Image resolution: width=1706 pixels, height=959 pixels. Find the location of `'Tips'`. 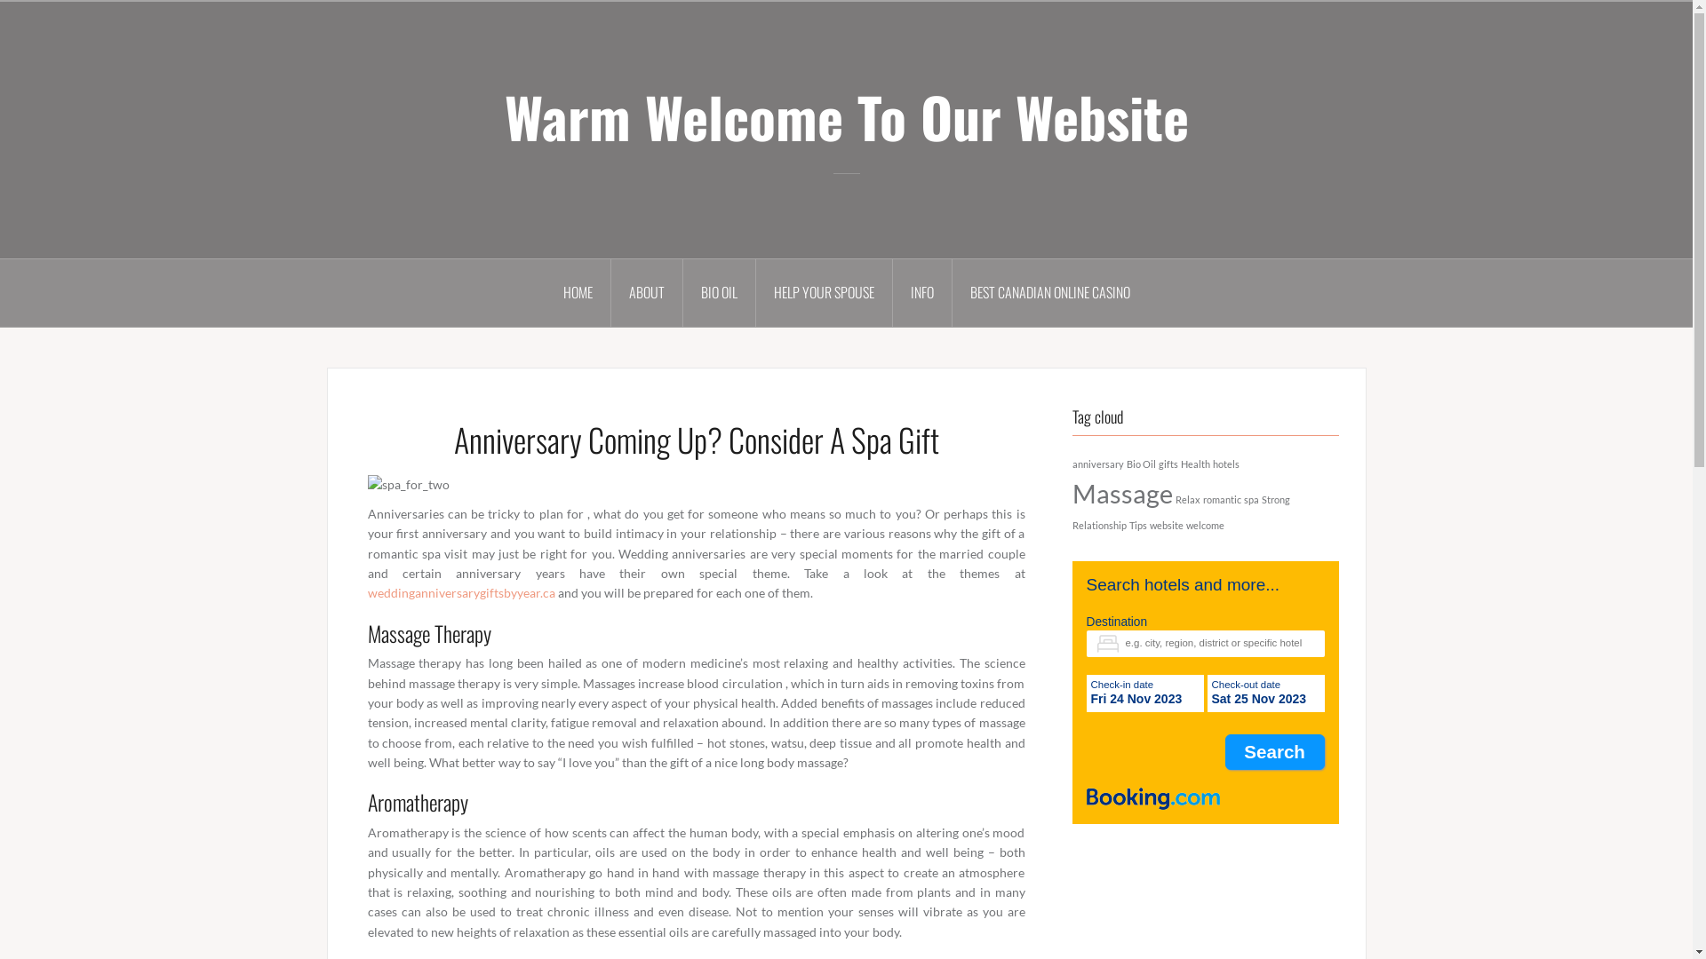

'Tips' is located at coordinates (1128, 524).